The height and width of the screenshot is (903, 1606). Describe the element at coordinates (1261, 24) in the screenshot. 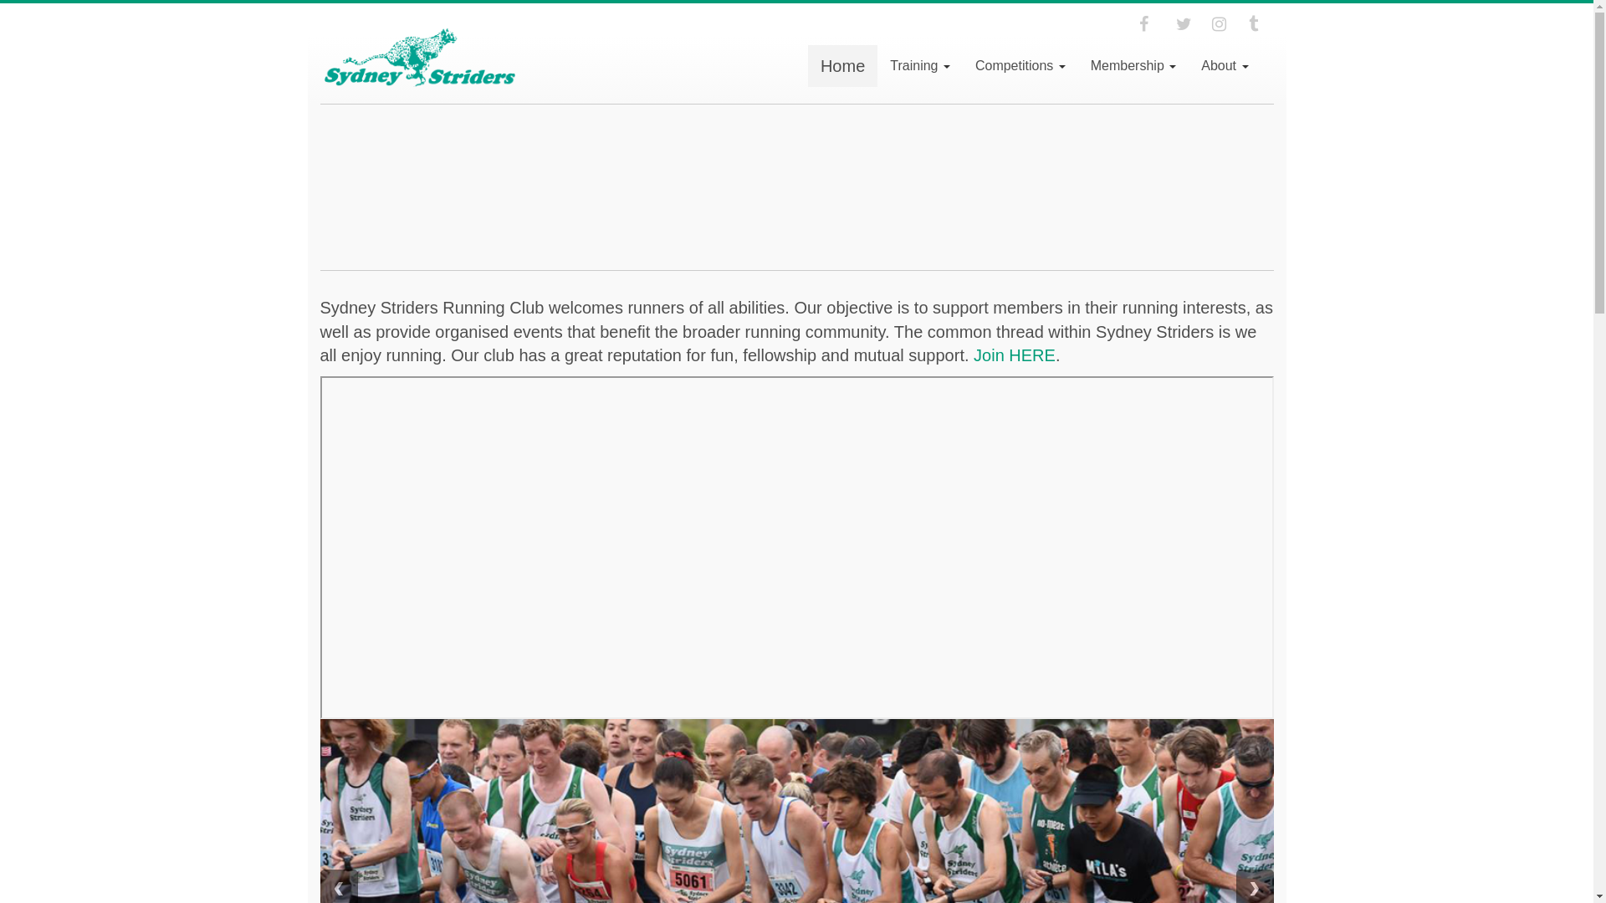

I see `'Sydney Striders Tumblr'` at that location.